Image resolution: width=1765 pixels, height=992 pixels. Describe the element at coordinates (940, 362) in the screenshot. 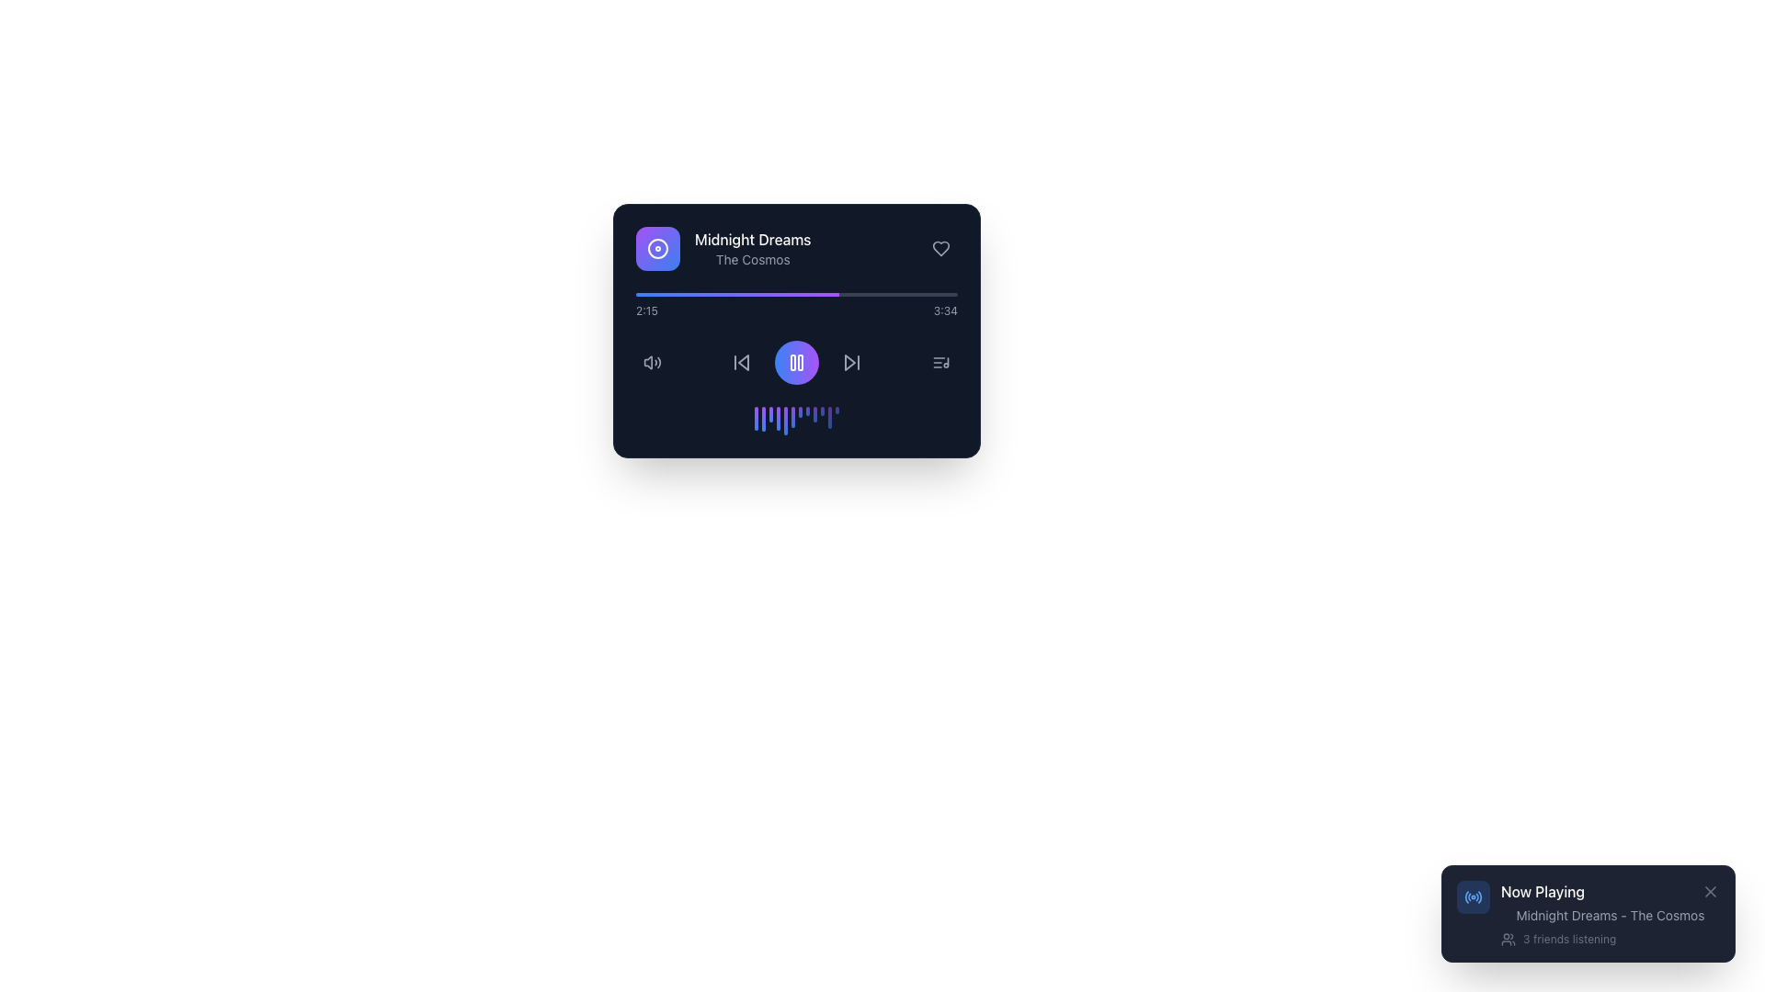

I see `the small square button displaying a musical note icon, located in the bottom right corner of the music player controls` at that location.